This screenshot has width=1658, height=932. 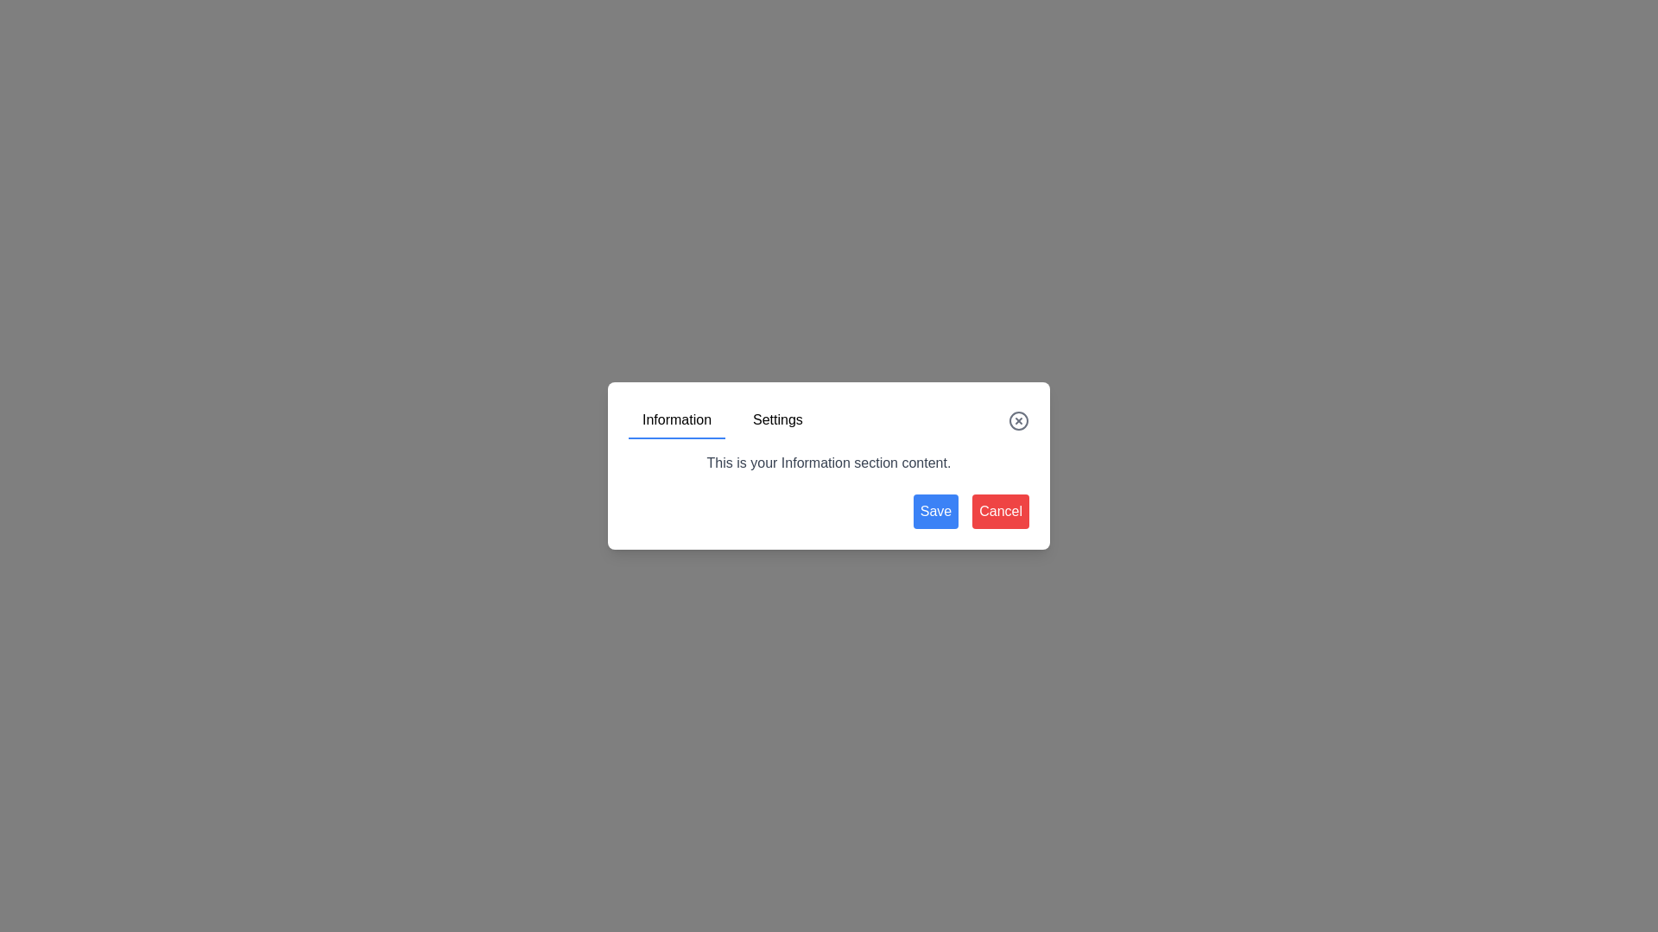 What do you see at coordinates (1019, 421) in the screenshot?
I see `the close button located in the top-right corner of the modal dialog` at bounding box center [1019, 421].